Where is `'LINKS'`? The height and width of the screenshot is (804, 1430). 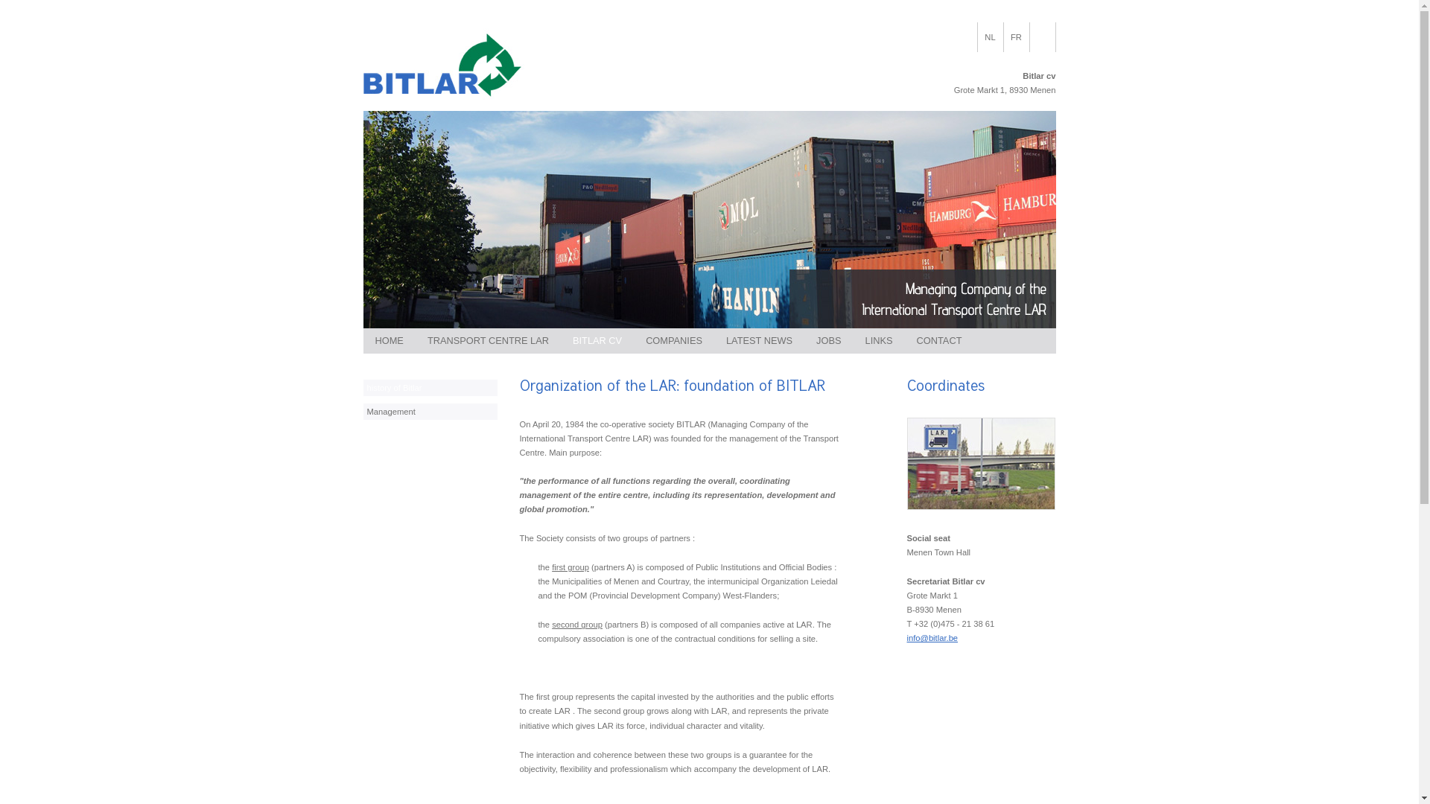 'LINKS' is located at coordinates (854, 341).